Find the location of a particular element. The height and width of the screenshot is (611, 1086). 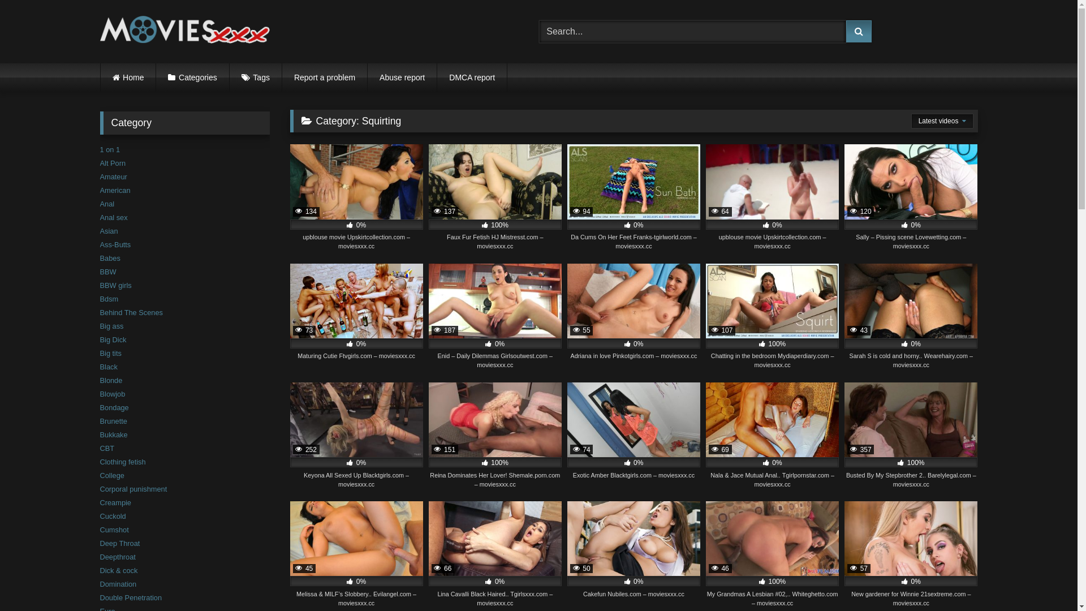

'Dick & cock' is located at coordinates (100, 570).